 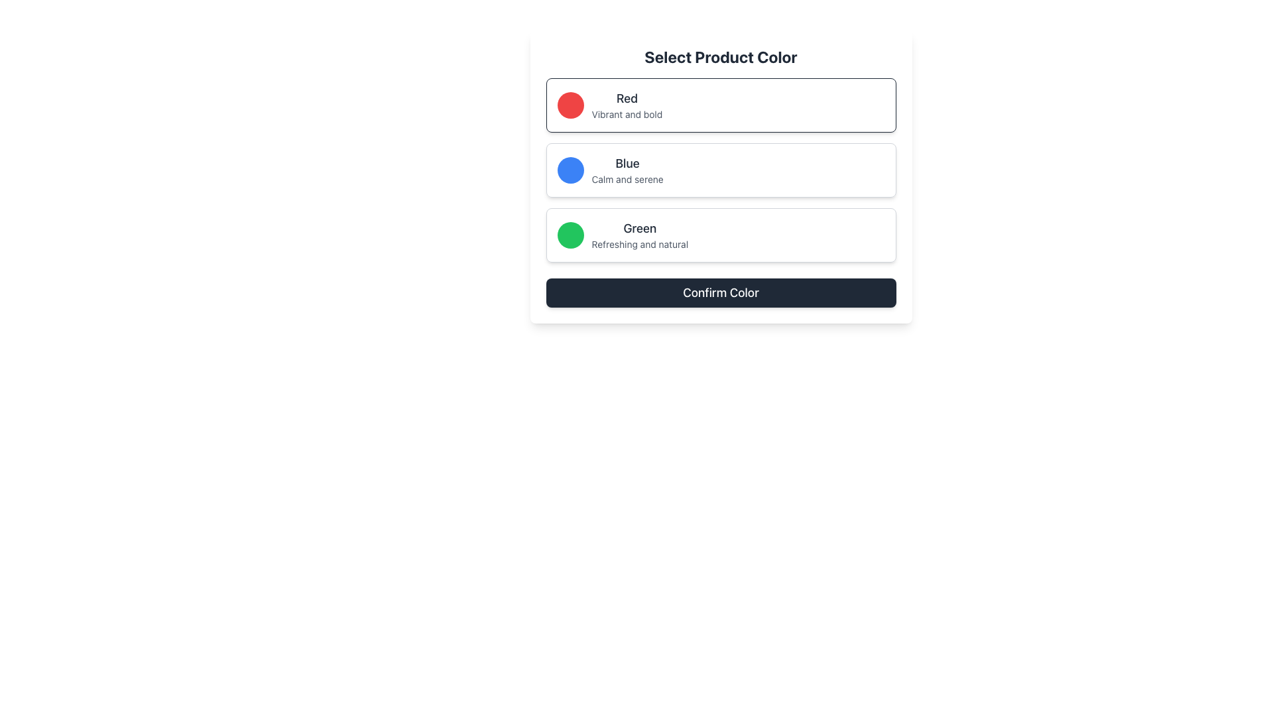 What do you see at coordinates (626, 114) in the screenshot?
I see `text label displaying 'Vibrant and bold', which is styled with a small font size and gray color, located below the 'Red' text in the color selection interface` at bounding box center [626, 114].